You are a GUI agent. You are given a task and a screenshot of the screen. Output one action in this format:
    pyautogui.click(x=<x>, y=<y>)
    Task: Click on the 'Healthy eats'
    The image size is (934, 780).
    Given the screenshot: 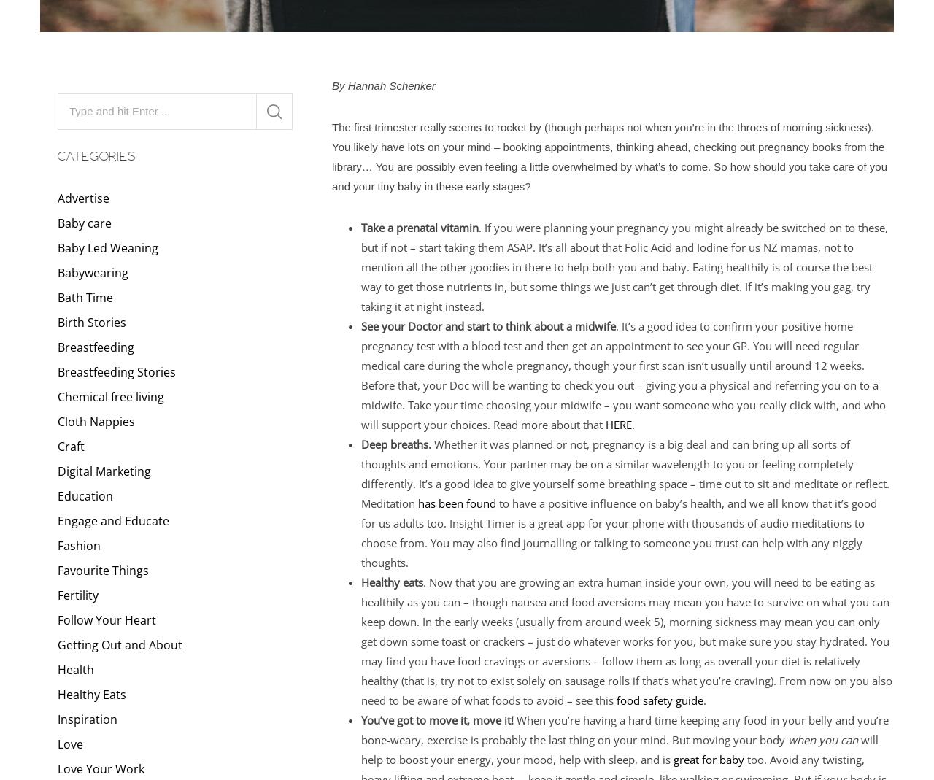 What is the action you would take?
    pyautogui.click(x=392, y=582)
    